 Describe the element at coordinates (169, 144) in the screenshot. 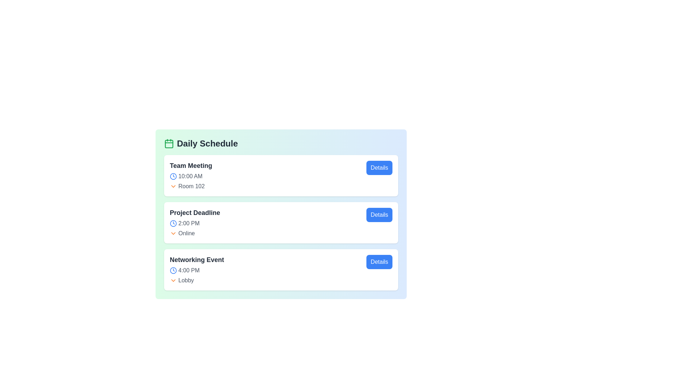

I see `the decorative graphical element inside the calendar icon located at the top-left corner of the interface` at that location.